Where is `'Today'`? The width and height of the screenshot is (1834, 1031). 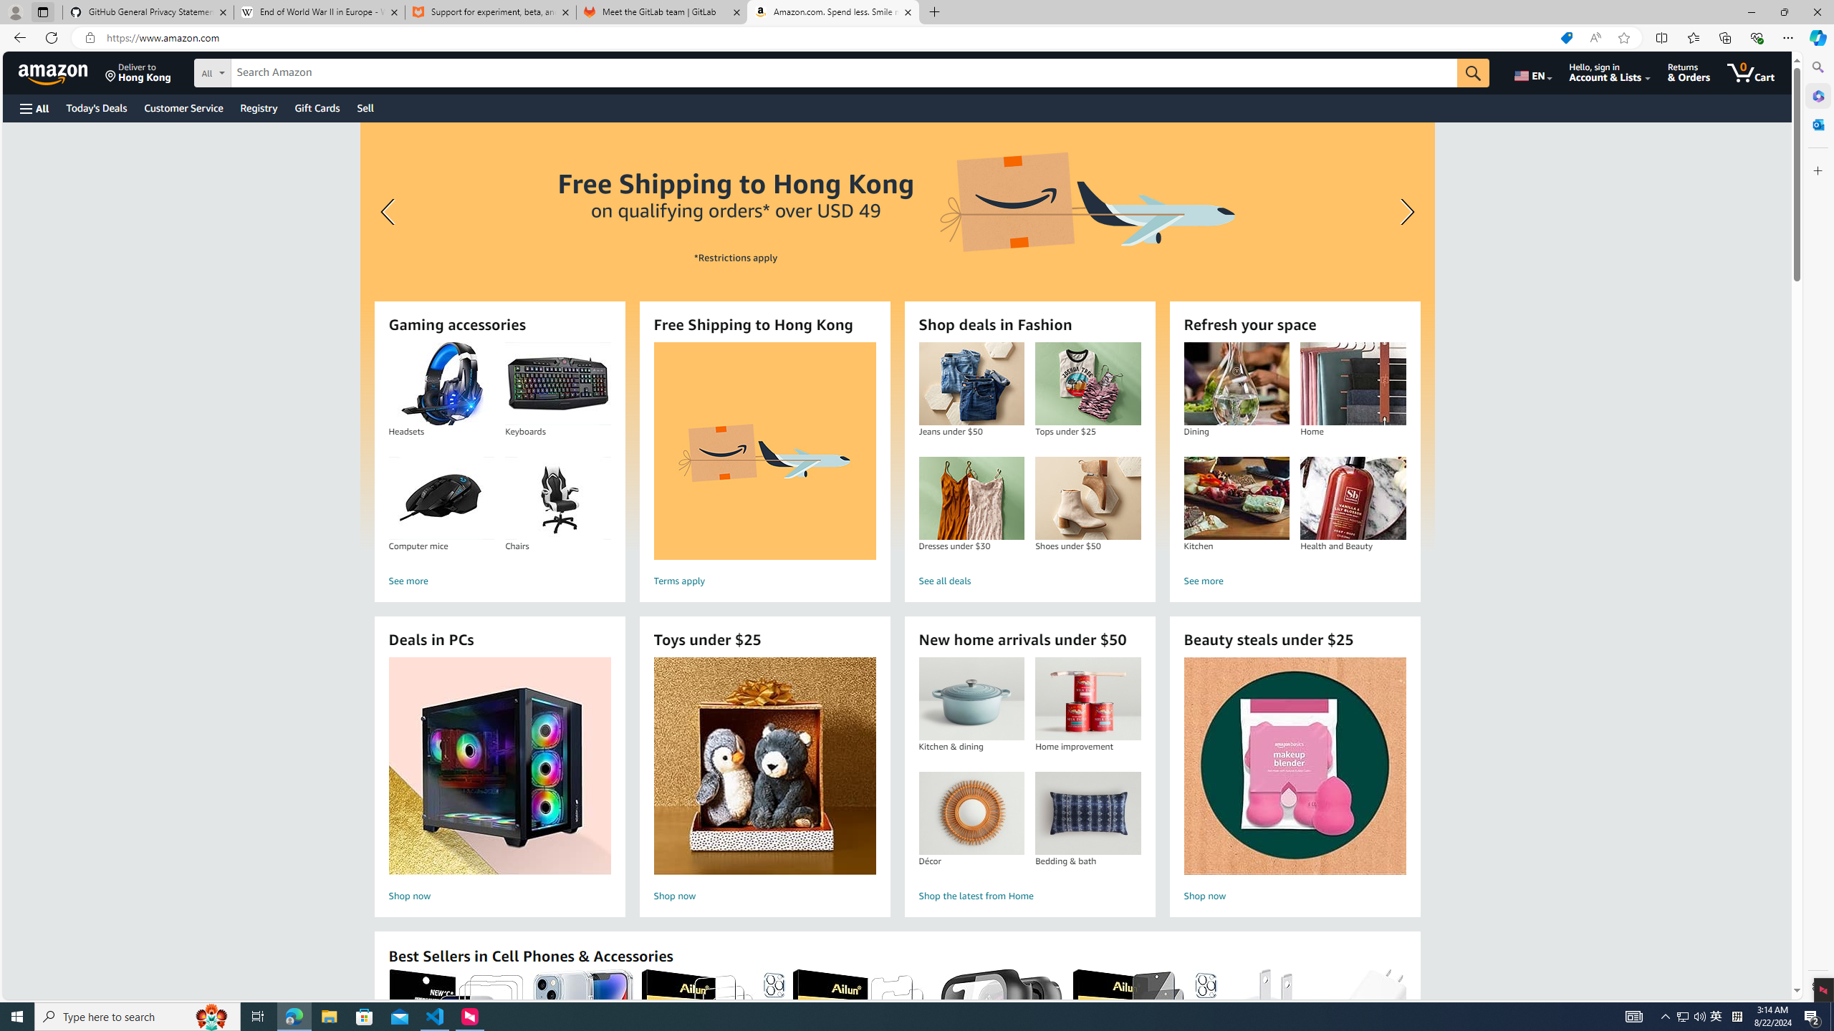 'Today' is located at coordinates (96, 107).